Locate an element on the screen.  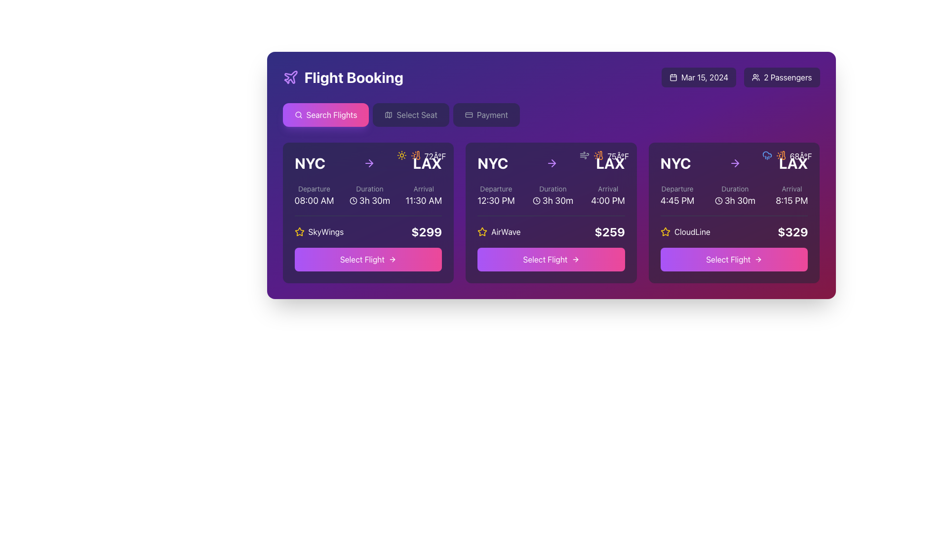
the text element displaying '08:00 AM' in white on a dark purple background, located beneath the 'Departure' label in the first card is located at coordinates (314, 200).